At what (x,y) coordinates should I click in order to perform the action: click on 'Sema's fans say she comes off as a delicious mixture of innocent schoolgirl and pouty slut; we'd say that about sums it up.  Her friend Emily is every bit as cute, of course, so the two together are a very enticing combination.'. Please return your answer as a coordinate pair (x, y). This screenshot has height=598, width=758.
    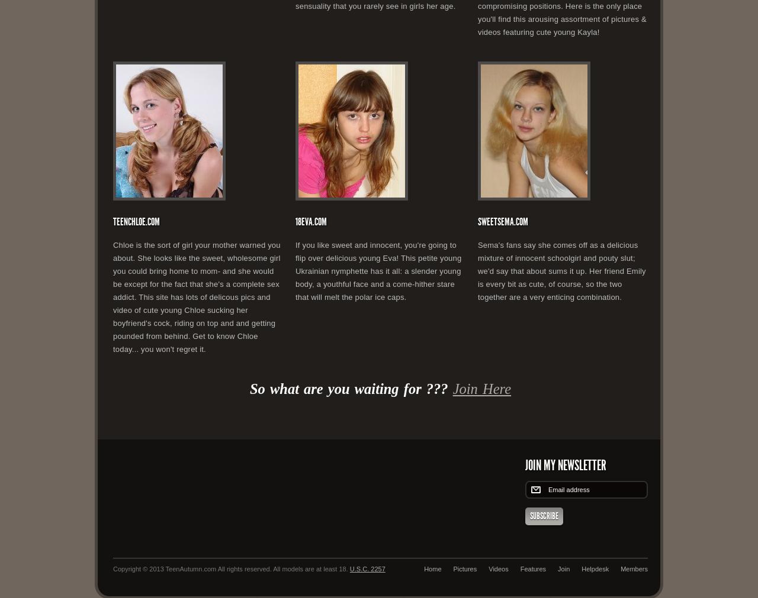
    Looking at the image, I should click on (561, 270).